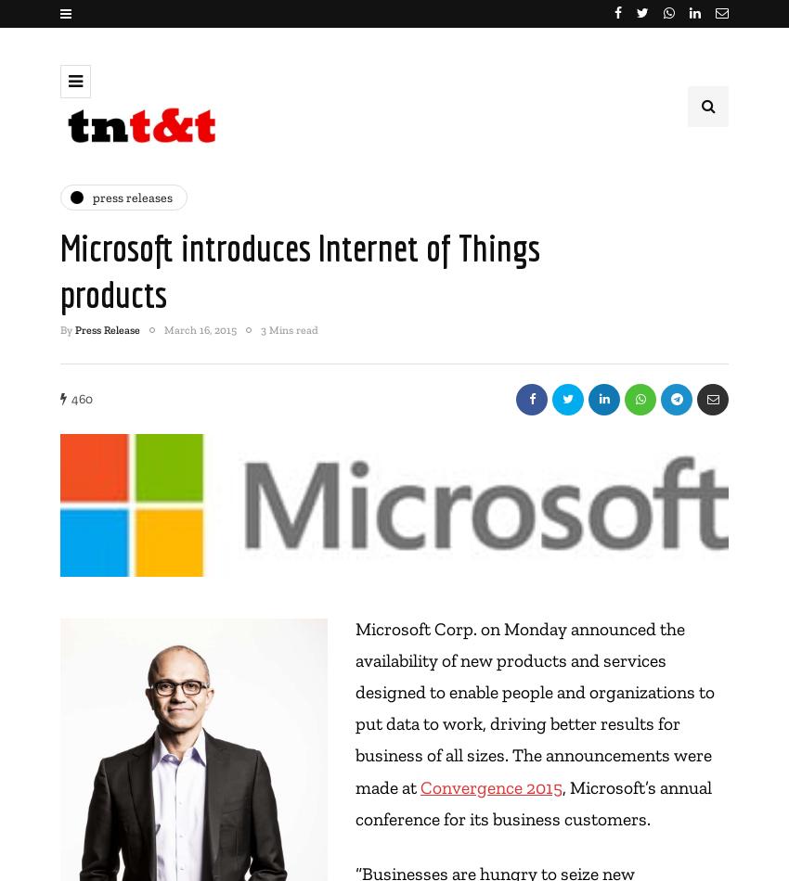 The image size is (789, 881). Describe the element at coordinates (68, 328) in the screenshot. I see `'By'` at that location.